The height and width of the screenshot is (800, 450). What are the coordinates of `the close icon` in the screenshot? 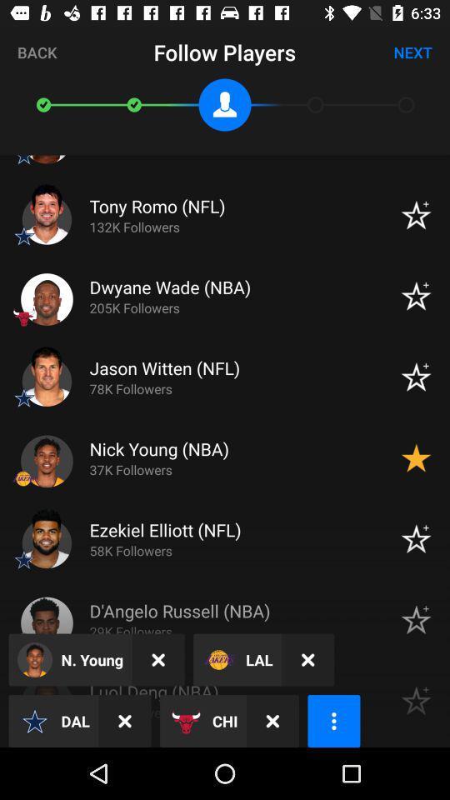 It's located at (158, 660).